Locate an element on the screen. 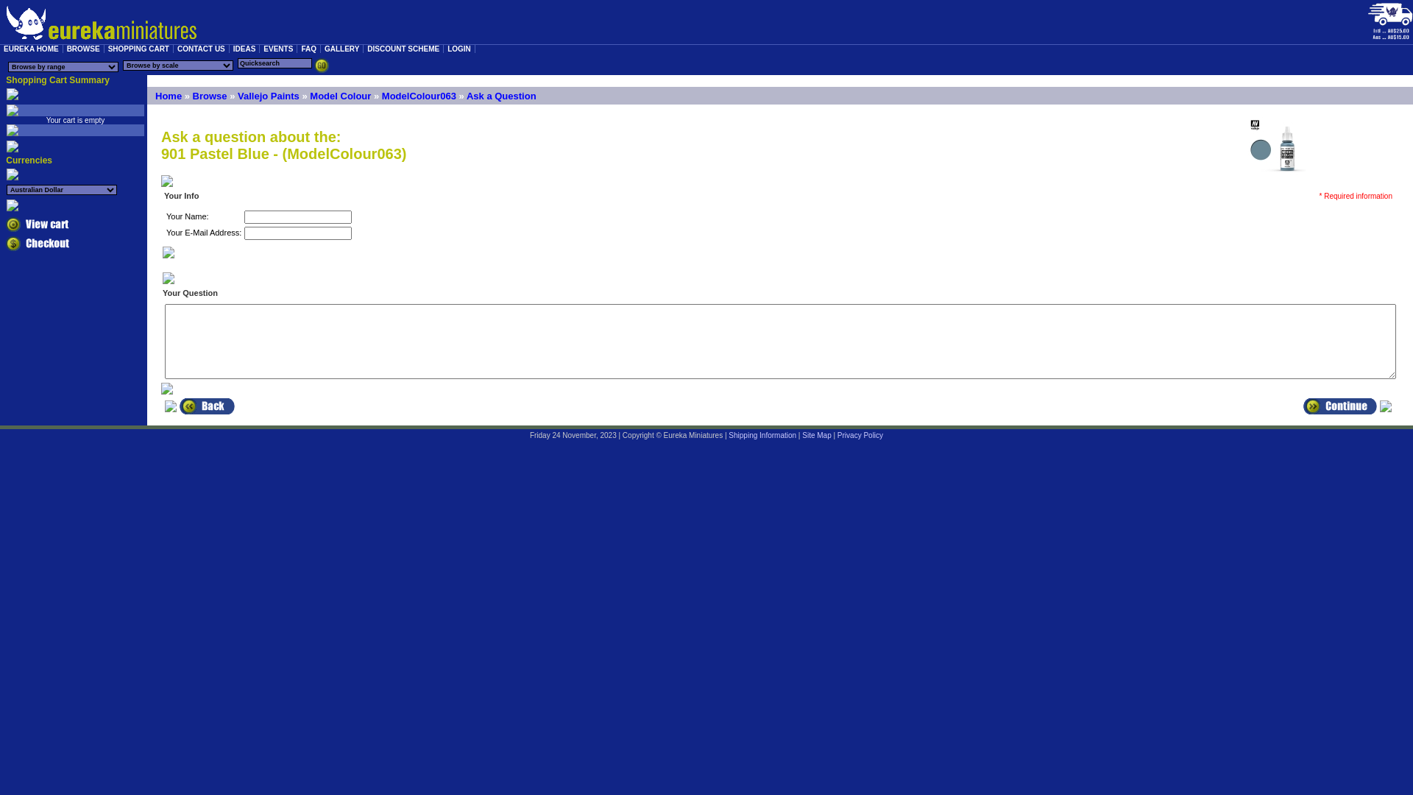 The height and width of the screenshot is (795, 1413). ' Continue ' is located at coordinates (1339, 406).